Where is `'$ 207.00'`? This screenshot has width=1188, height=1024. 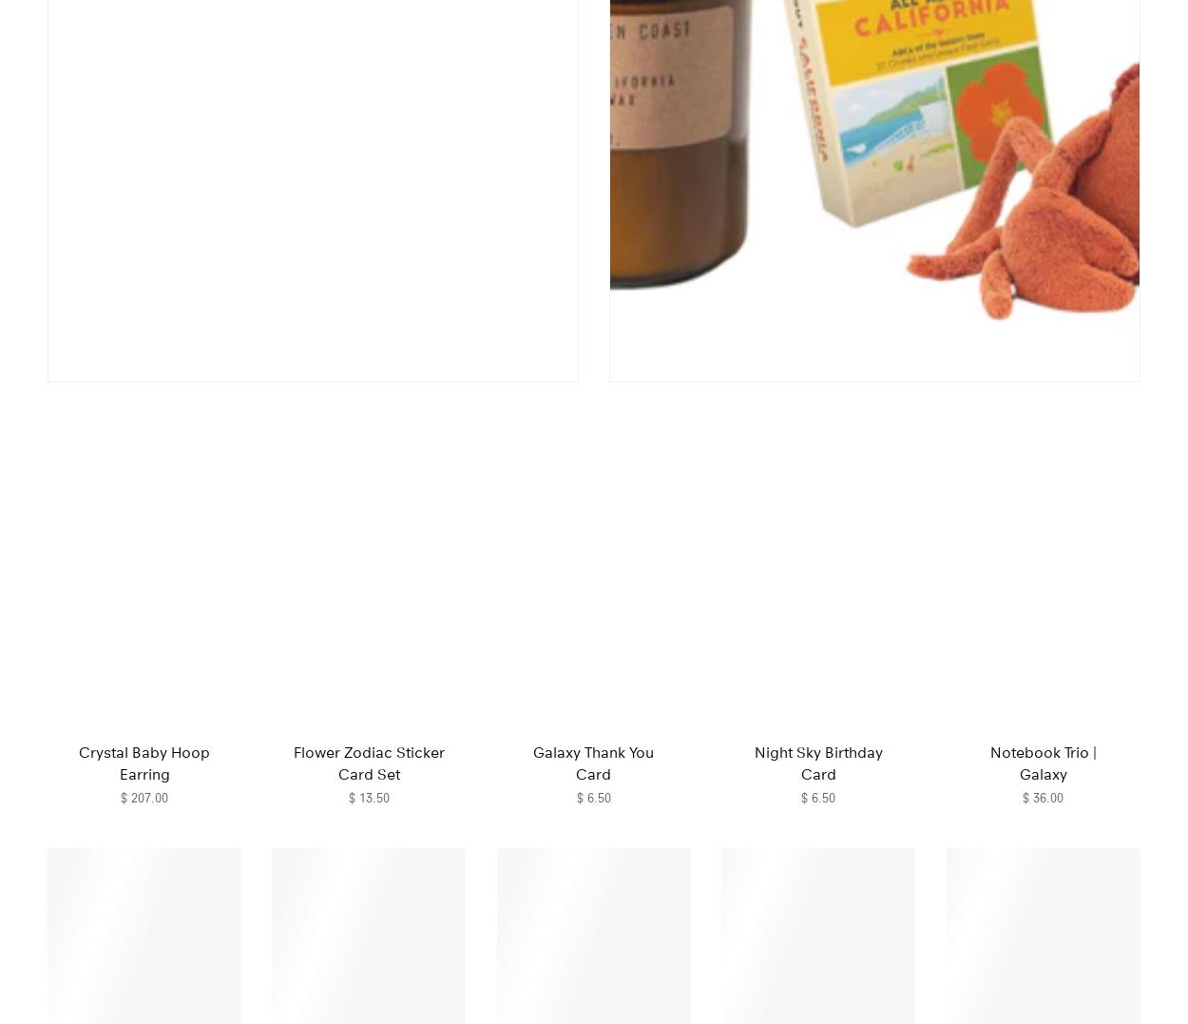 '$ 207.00' is located at coordinates (144, 796).